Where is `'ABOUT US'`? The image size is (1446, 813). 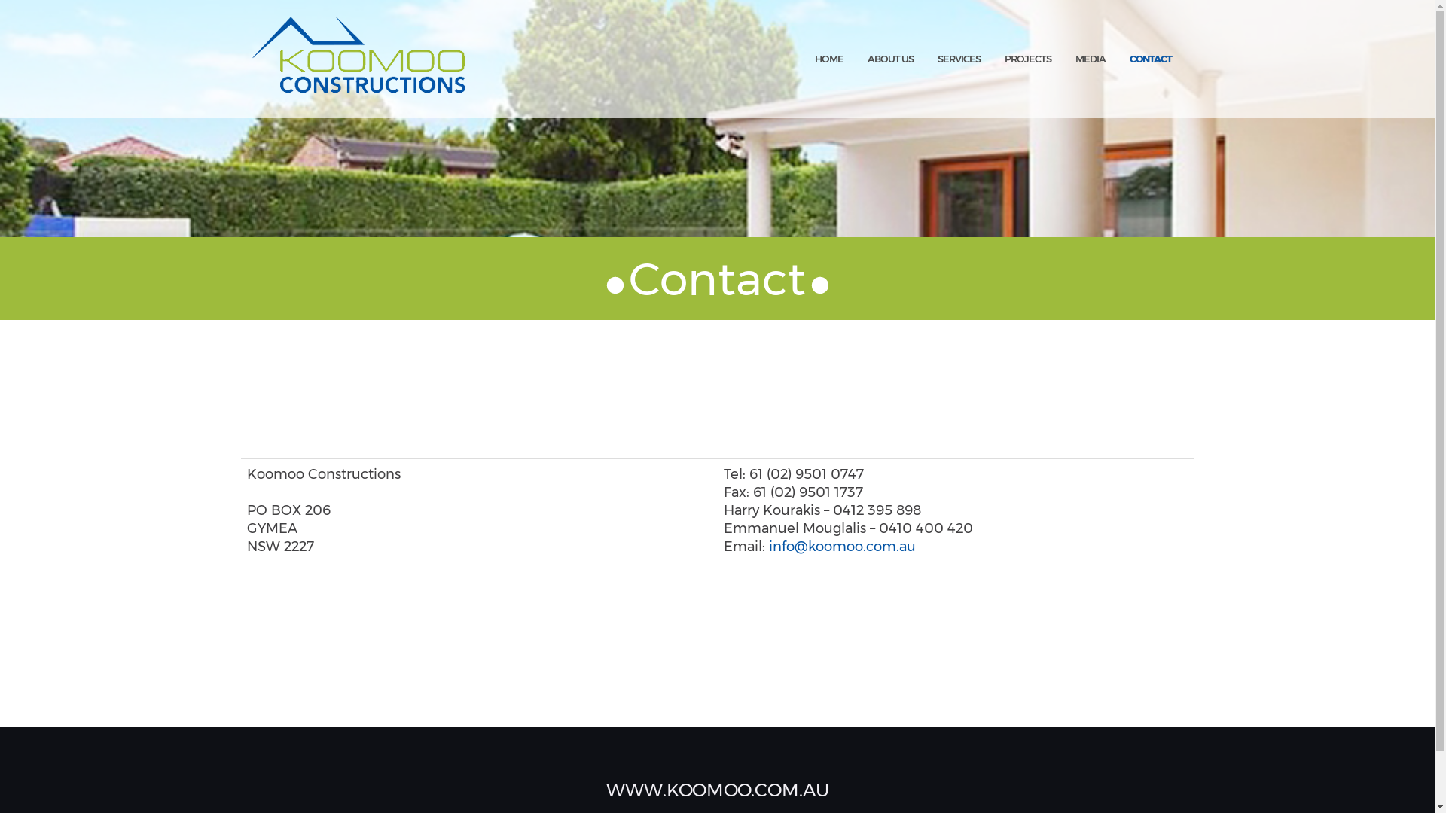 'ABOUT US' is located at coordinates (890, 59).